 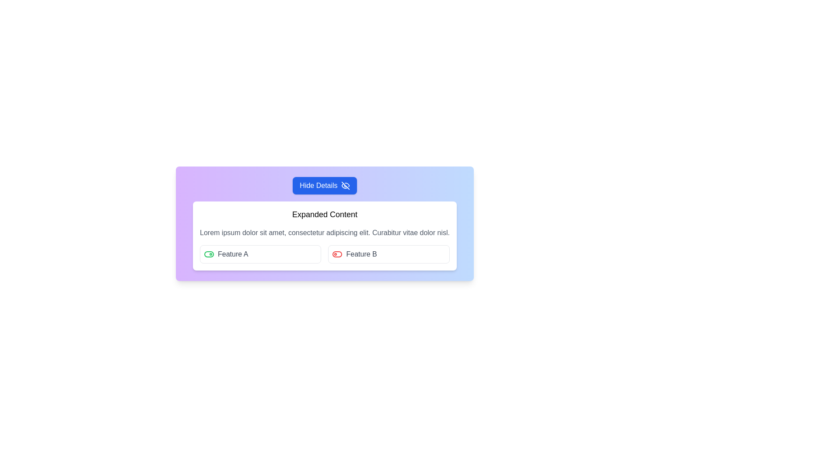 What do you see at coordinates (388, 254) in the screenshot?
I see `the Toggle Button labeled 'Feature B' to change its state from off to on` at bounding box center [388, 254].